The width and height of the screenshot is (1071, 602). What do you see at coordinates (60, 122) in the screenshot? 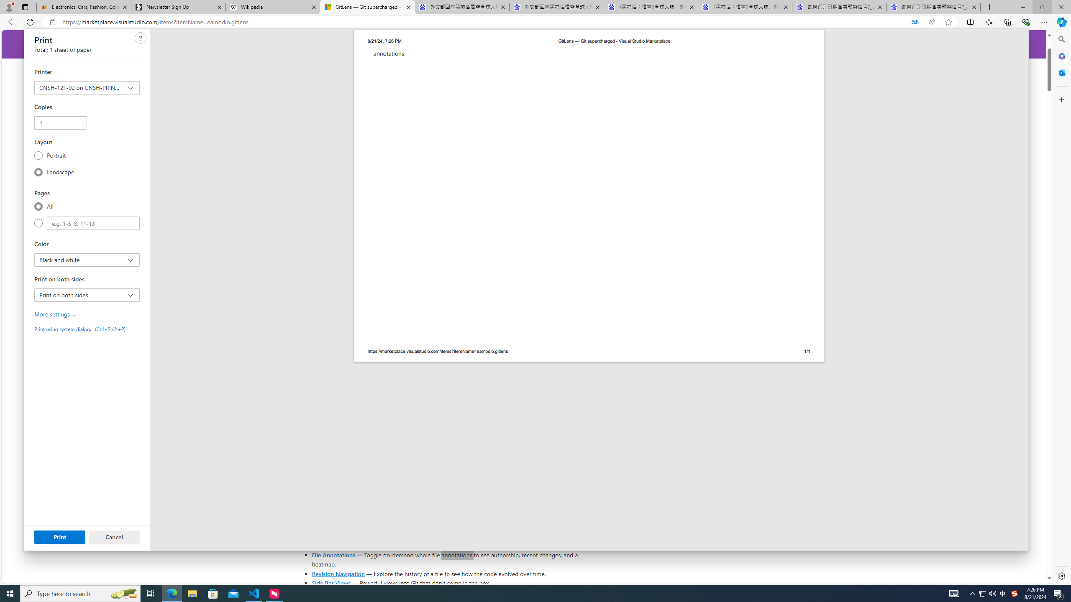
I see `'Copies'` at bounding box center [60, 122].